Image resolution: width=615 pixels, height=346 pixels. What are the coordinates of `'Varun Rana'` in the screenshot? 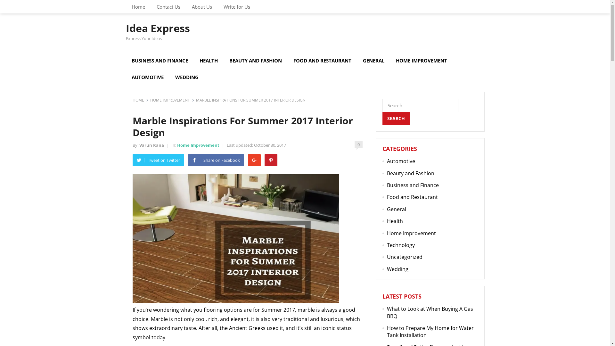 It's located at (151, 145).